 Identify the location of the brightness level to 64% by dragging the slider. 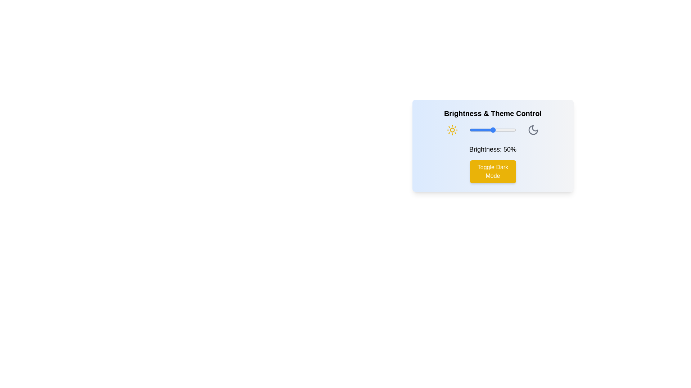
(499, 130).